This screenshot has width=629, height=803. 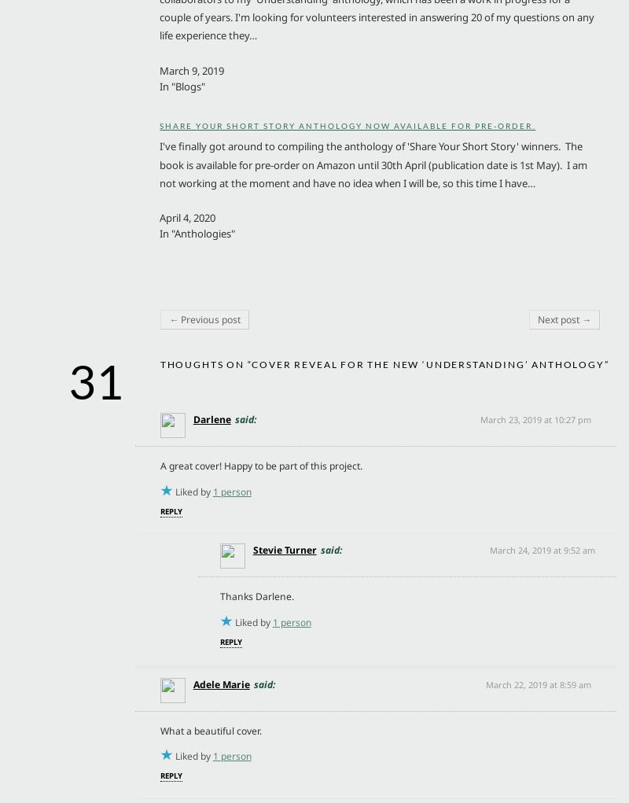 I want to click on 'A great cover! Happy to be part of this project.', so click(x=259, y=465).